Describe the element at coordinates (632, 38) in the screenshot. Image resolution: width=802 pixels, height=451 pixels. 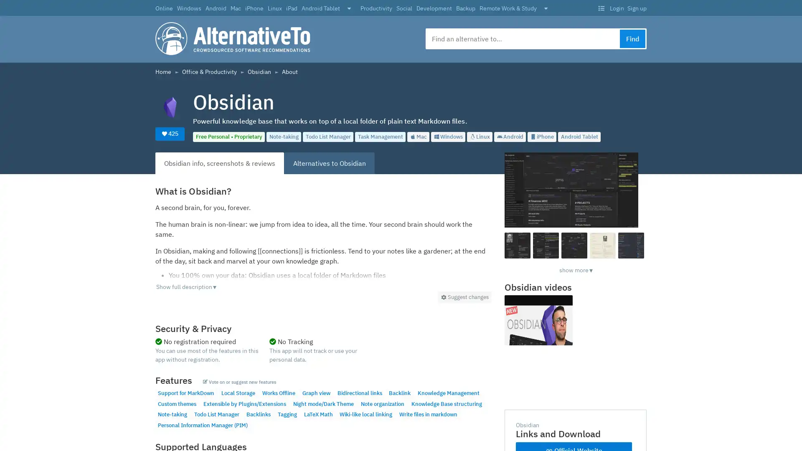
I see `Find` at that location.